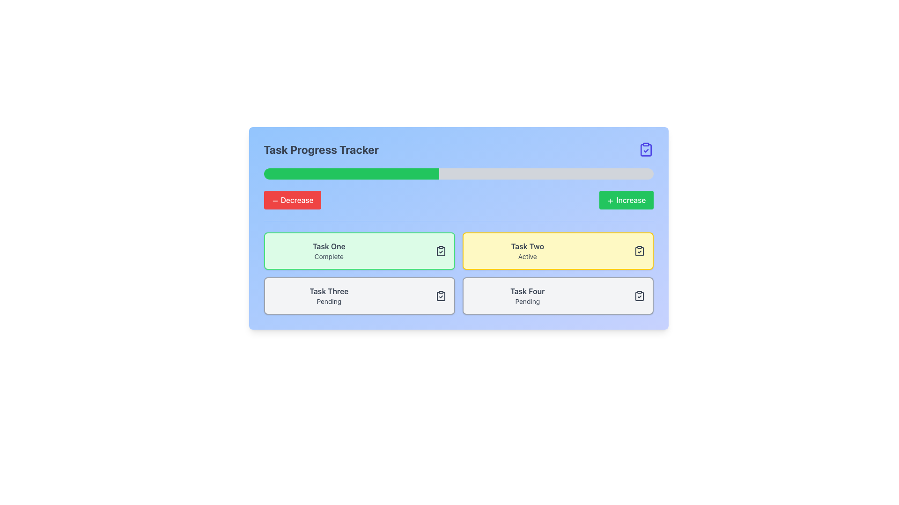 This screenshot has width=899, height=505. I want to click on the 'Task Three' text label, which is a bold text field located in the bottom-left quadrant of the task overview section, so click(329, 291).